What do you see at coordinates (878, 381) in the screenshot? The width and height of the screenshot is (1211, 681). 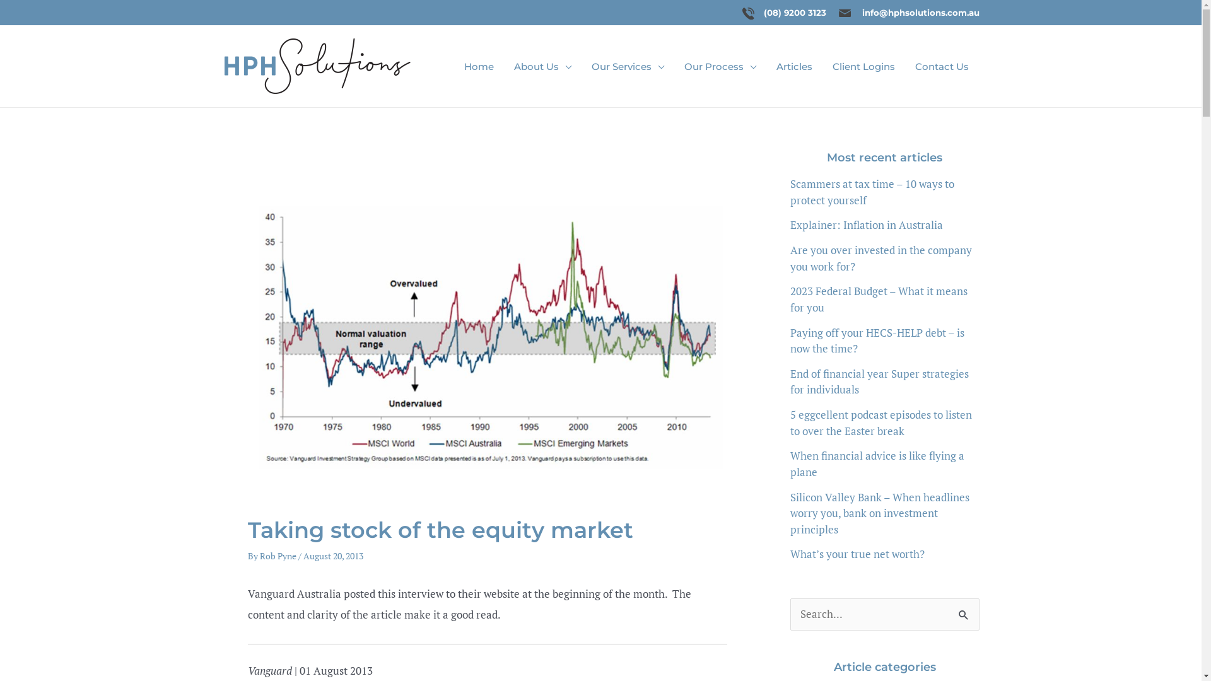 I see `'End of financial year Super strategies for individuals'` at bounding box center [878, 381].